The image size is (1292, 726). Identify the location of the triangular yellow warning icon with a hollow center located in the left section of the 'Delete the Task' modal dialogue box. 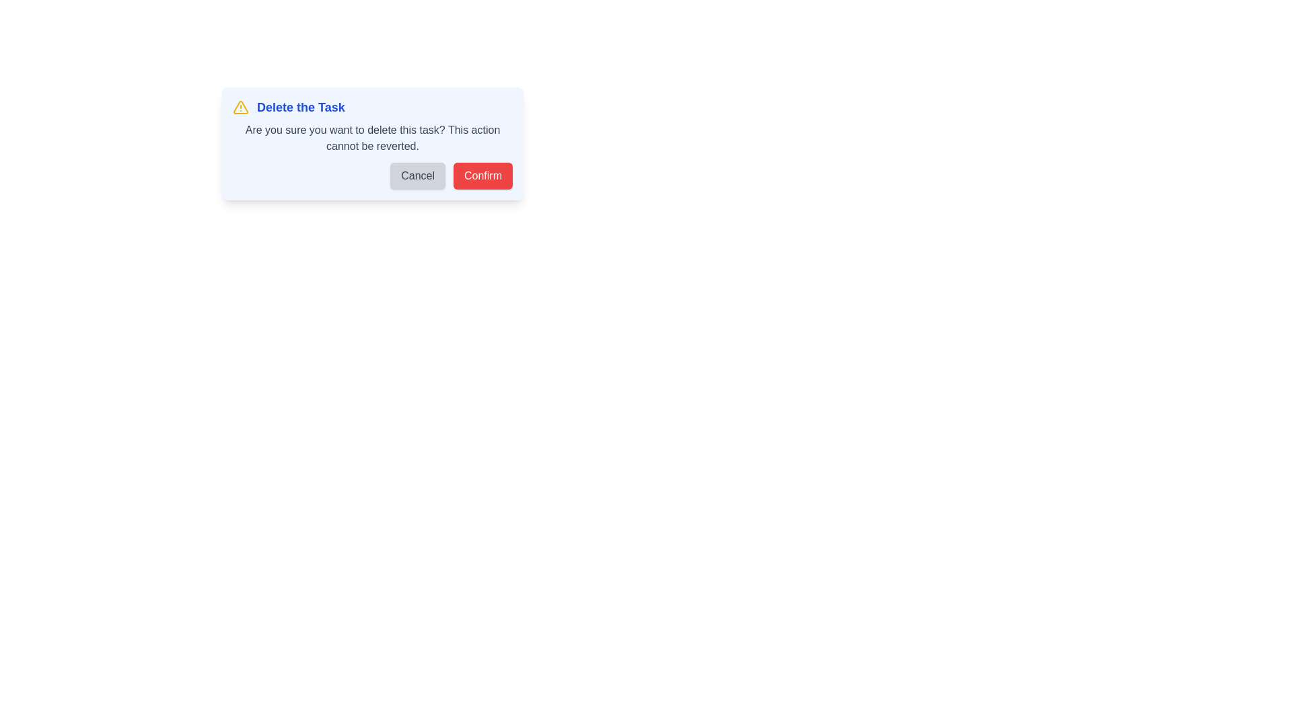
(241, 106).